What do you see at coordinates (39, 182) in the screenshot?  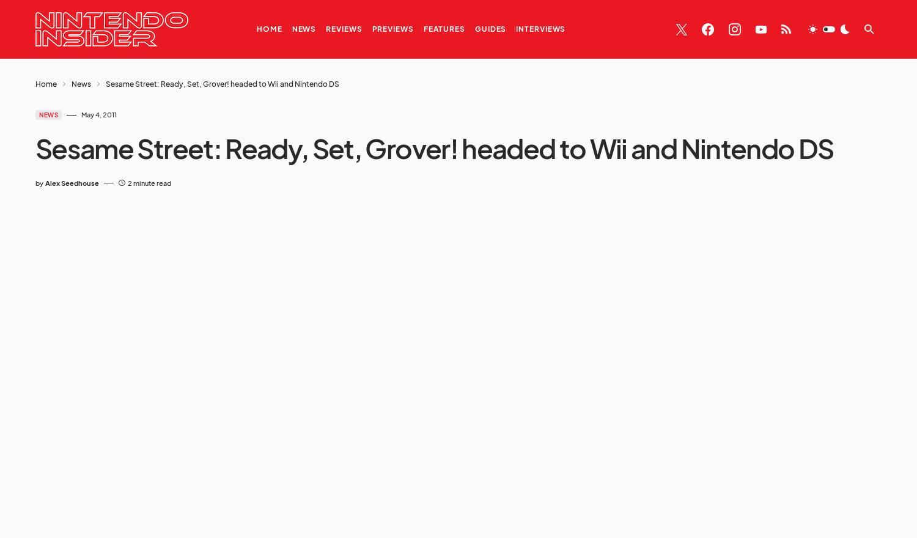 I see `'by'` at bounding box center [39, 182].